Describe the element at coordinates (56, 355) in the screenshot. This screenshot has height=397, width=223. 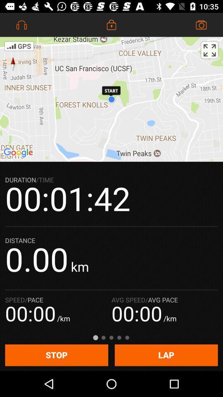
I see `stop item` at that location.